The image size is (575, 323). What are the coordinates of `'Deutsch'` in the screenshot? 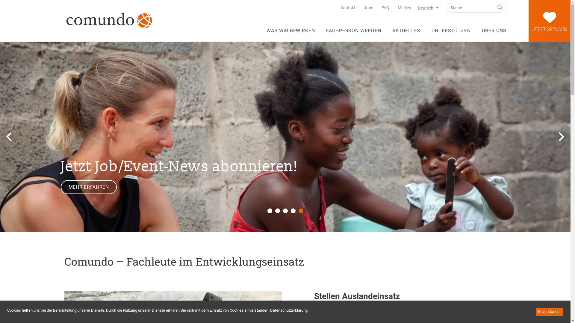 It's located at (427, 8).